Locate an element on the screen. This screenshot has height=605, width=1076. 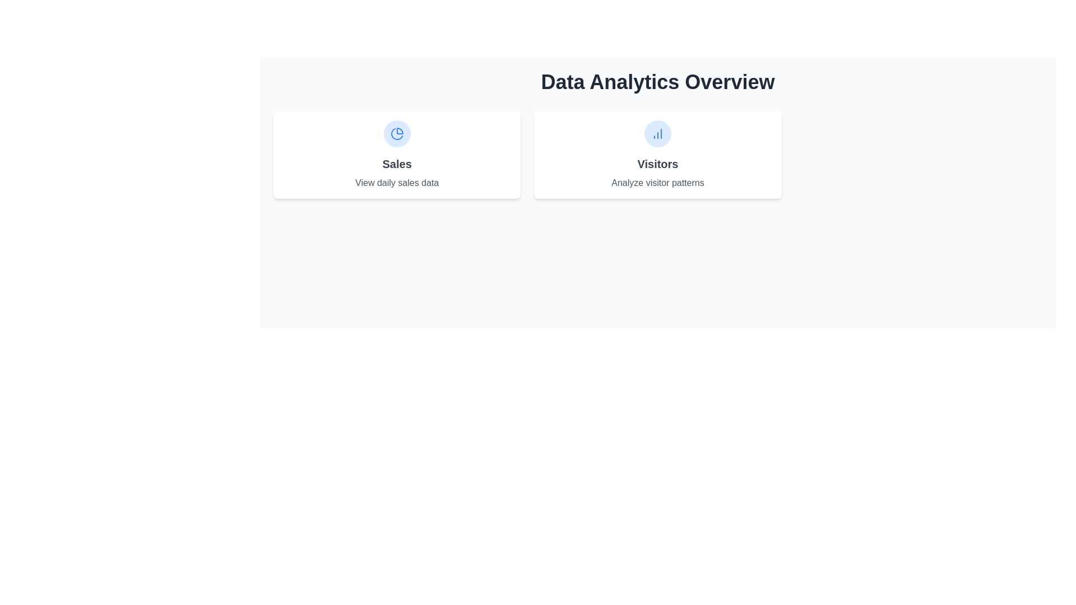
descriptive information provided by the text label located directly below the 'Visitors' text element within the card-like component in the center-right of the interface is located at coordinates (658, 183).